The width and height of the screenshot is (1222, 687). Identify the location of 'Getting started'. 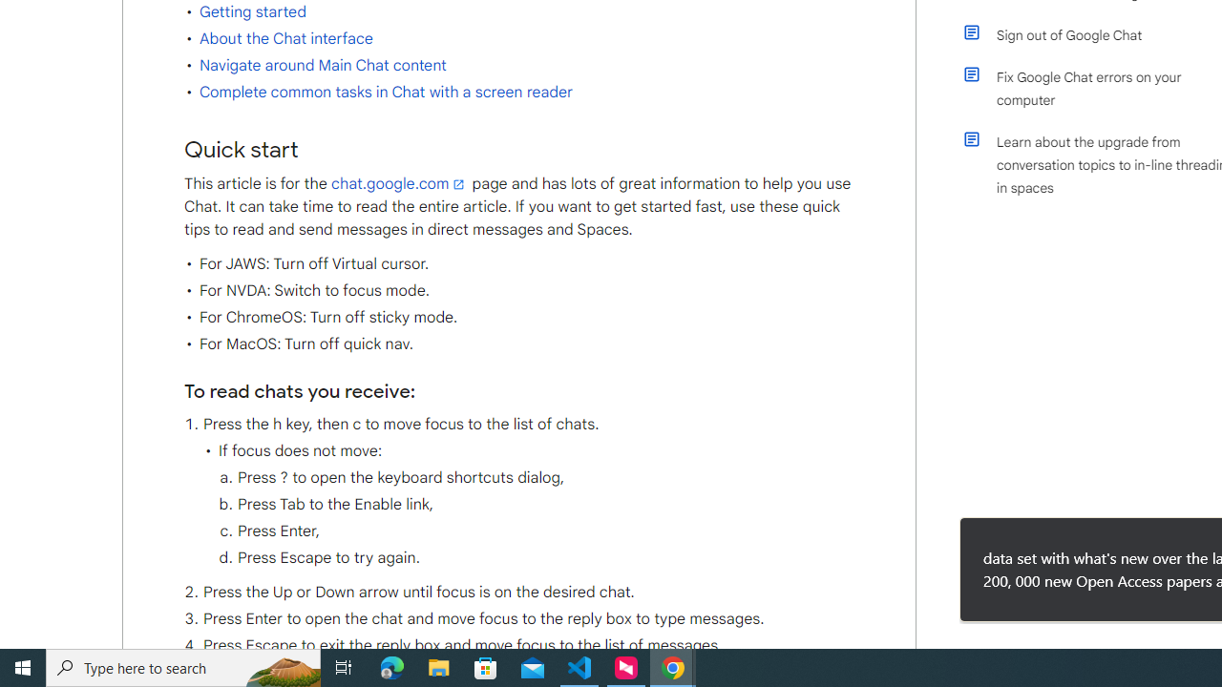
(251, 11).